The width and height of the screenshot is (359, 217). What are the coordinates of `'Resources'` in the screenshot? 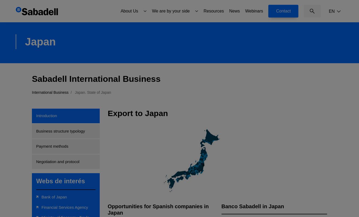 It's located at (213, 10).